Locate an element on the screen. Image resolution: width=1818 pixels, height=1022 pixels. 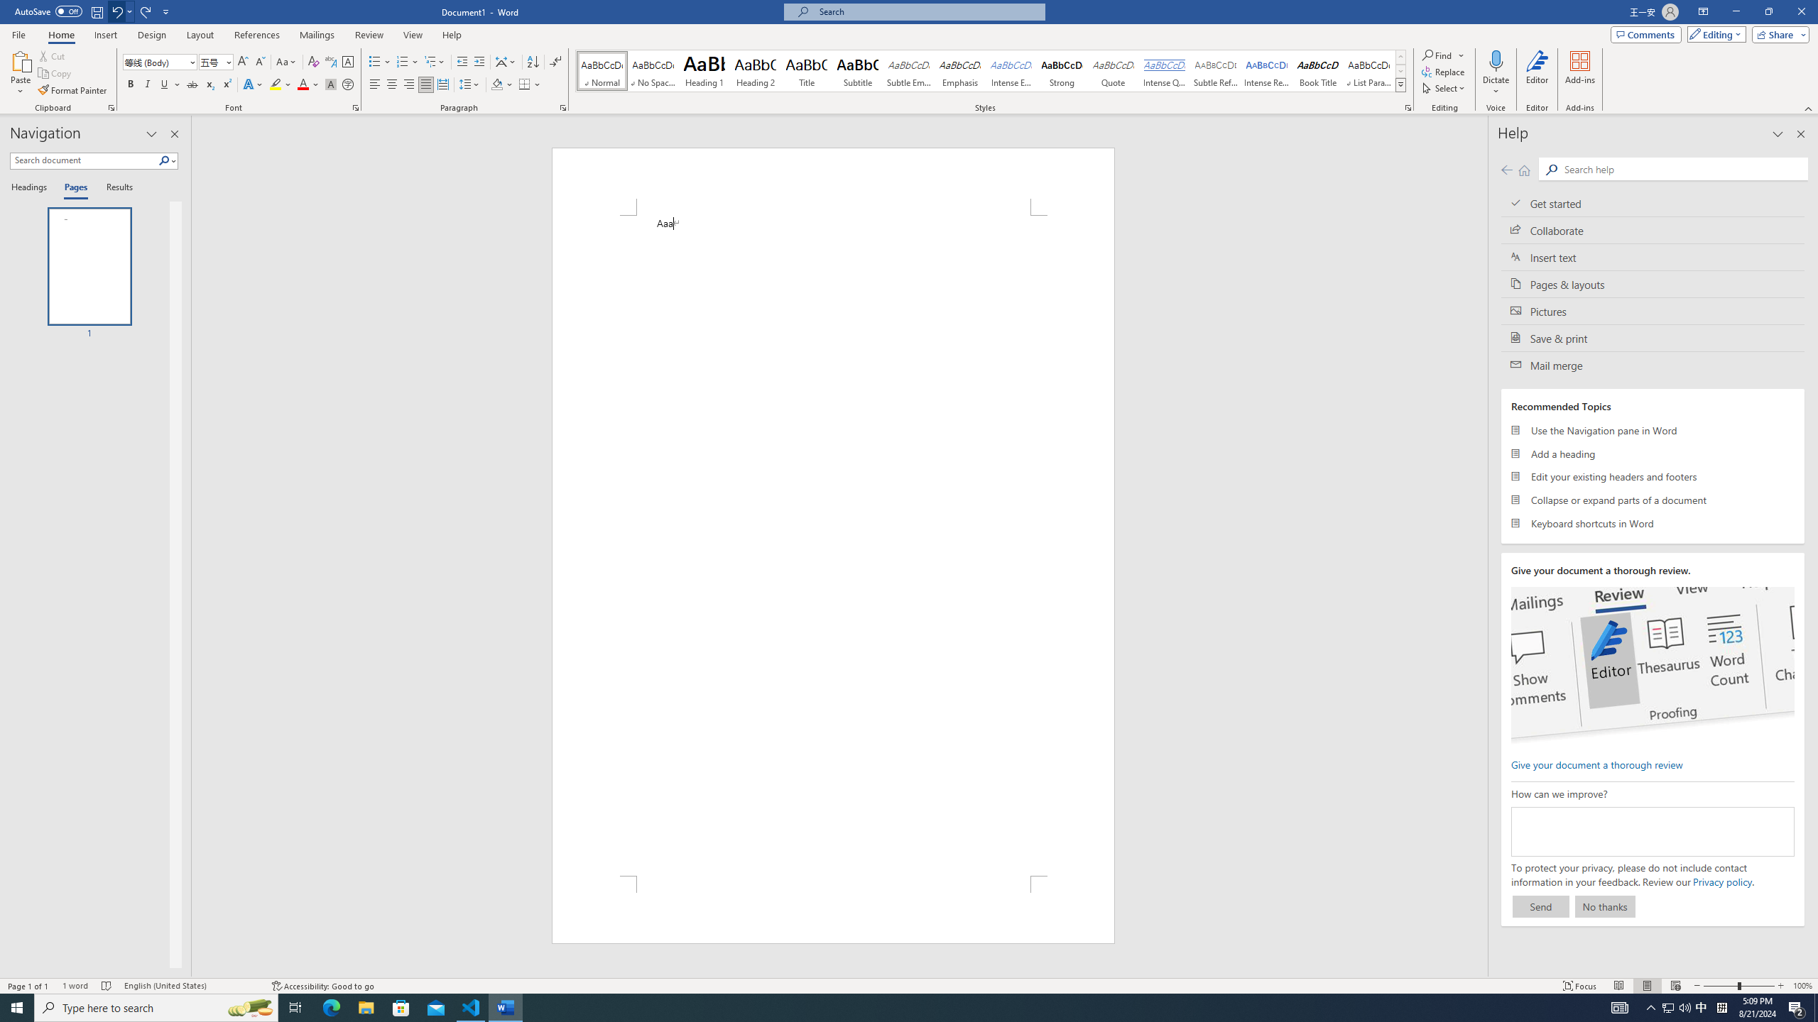
'Enclose Characters...' is located at coordinates (347, 84).